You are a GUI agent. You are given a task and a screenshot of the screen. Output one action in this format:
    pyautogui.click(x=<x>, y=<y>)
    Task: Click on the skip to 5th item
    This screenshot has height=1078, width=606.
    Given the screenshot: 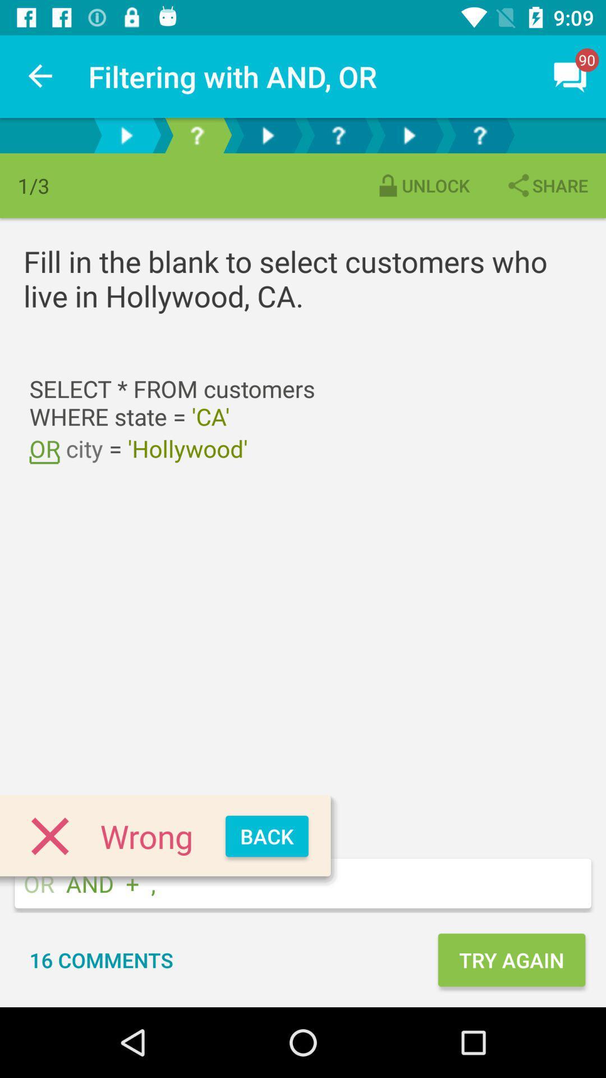 What is the action you would take?
    pyautogui.click(x=409, y=135)
    